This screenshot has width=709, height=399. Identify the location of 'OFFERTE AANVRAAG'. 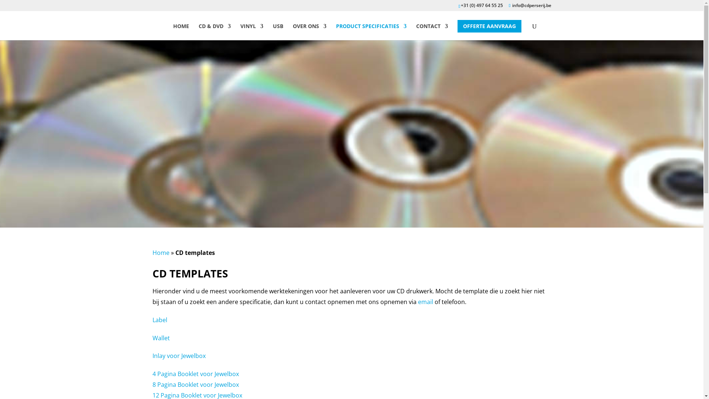
(489, 25).